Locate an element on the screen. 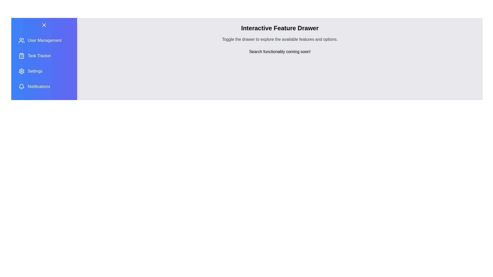 The height and width of the screenshot is (277, 493). the feature User Management from the list is located at coordinates (44, 40).